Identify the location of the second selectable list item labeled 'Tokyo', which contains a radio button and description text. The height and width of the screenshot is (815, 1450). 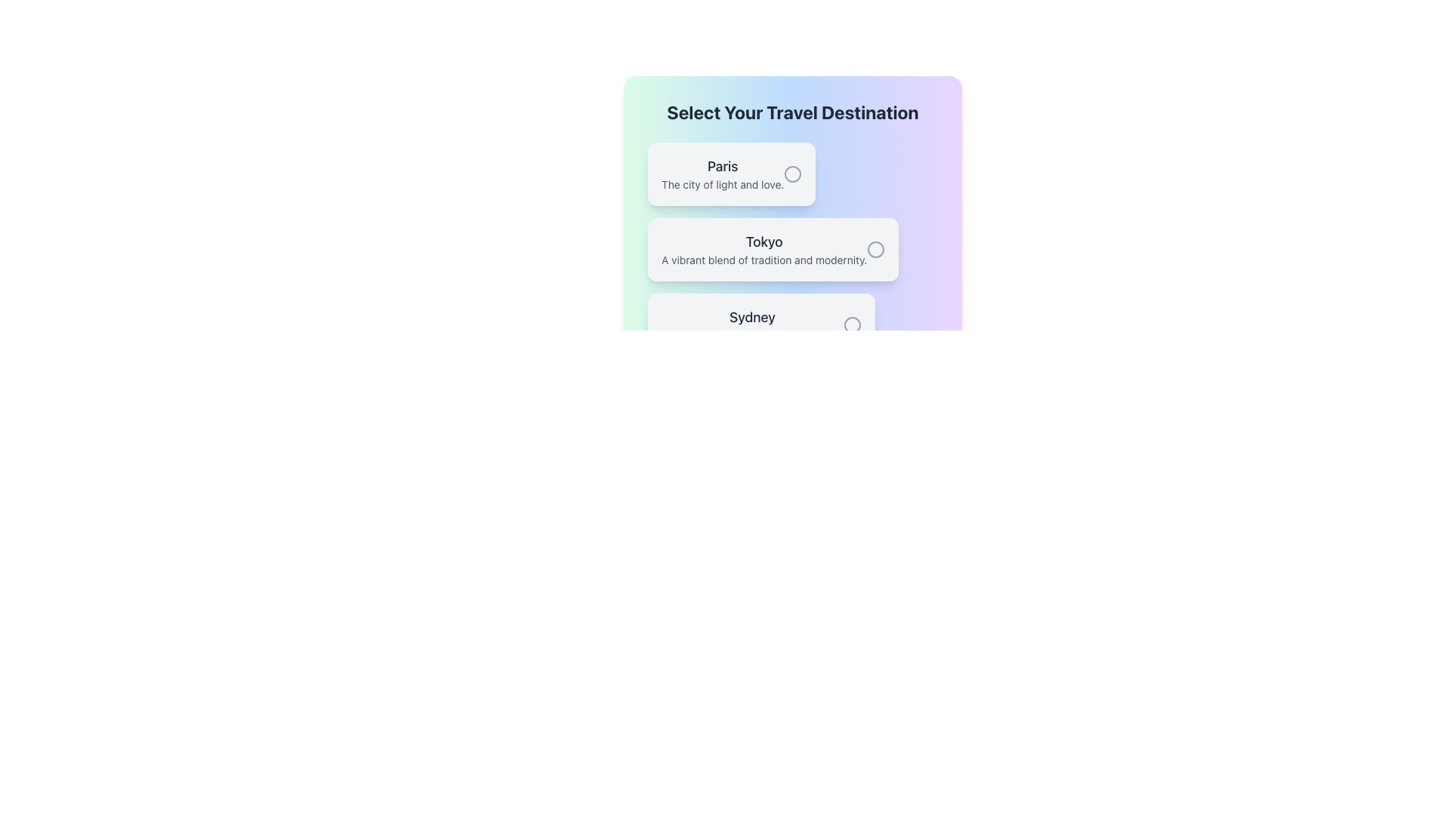
(792, 249).